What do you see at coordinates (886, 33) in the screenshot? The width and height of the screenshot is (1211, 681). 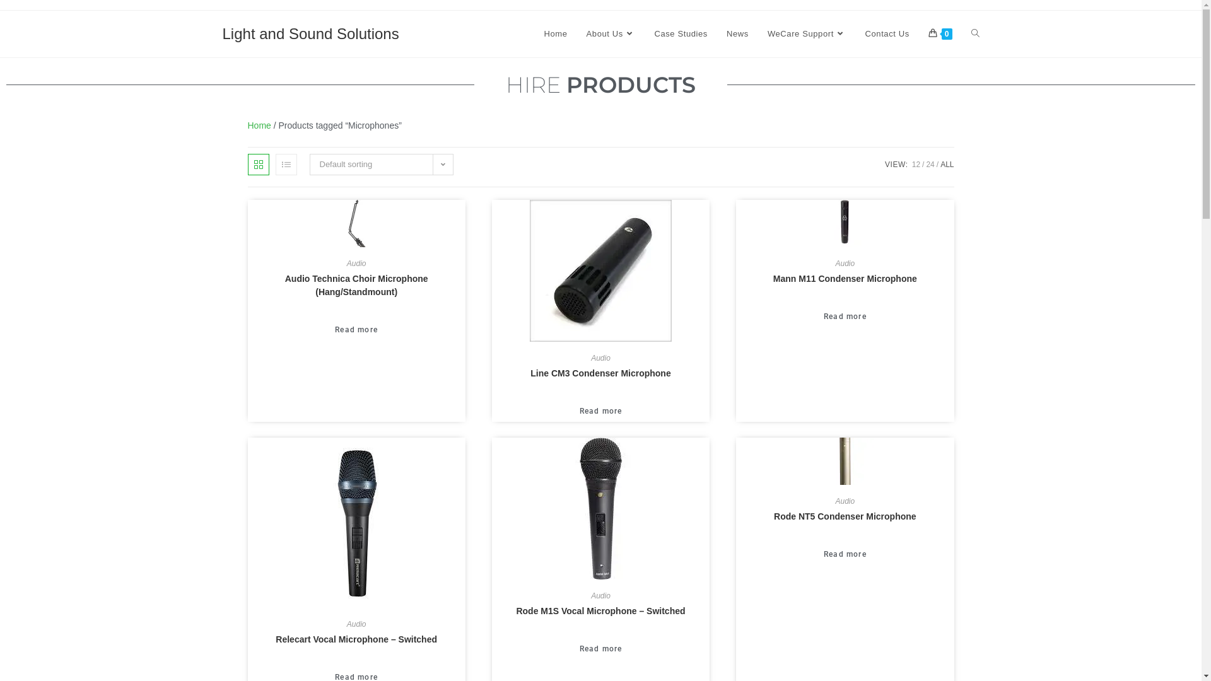 I see `'Contact Us'` at bounding box center [886, 33].